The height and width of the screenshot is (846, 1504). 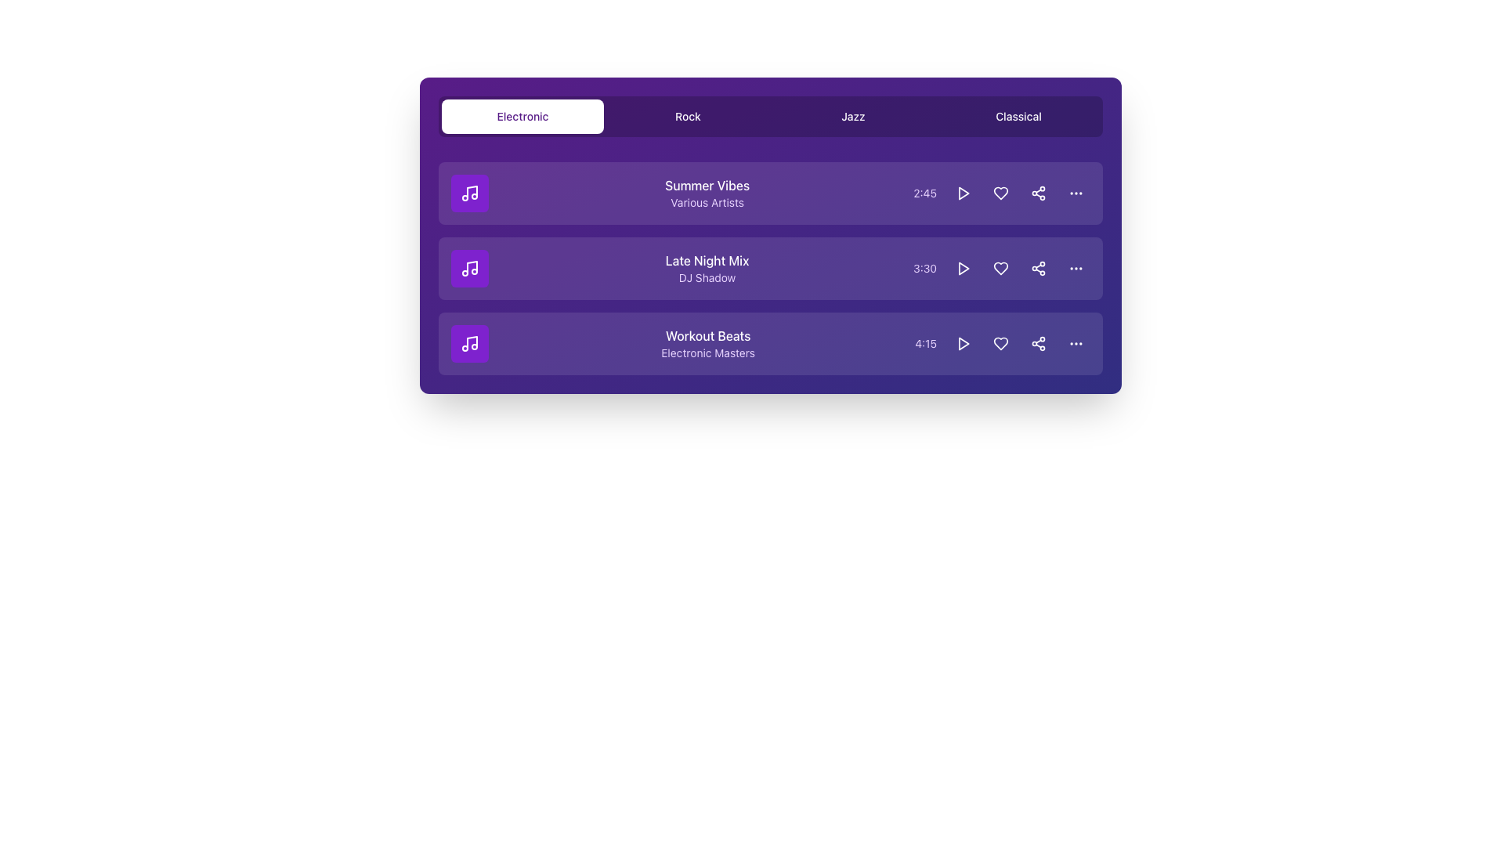 I want to click on the three dots icon/button located to the extreme right of the third row in the list, which has a white stroke on a purple background, so click(x=1075, y=343).